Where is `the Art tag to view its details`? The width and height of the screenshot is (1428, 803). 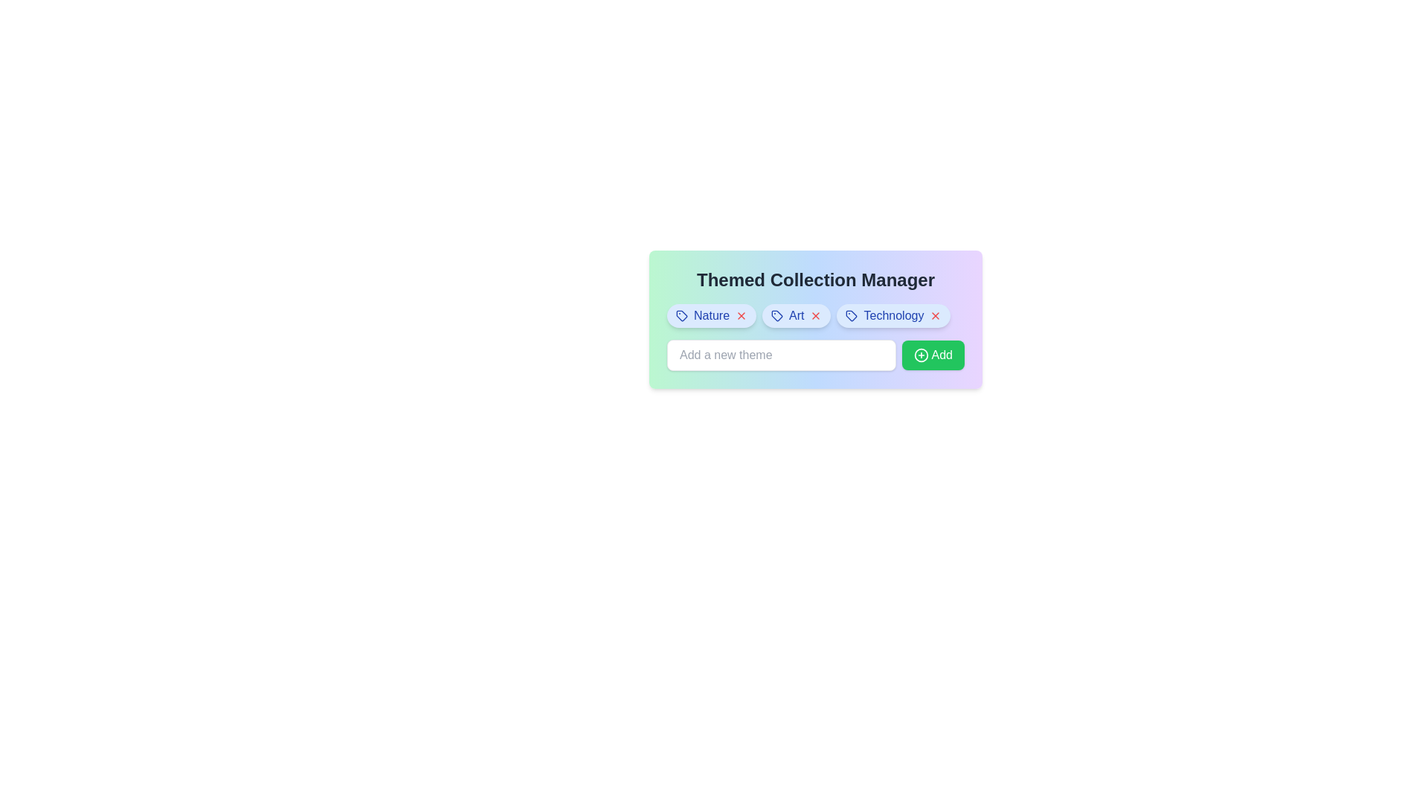
the Art tag to view its details is located at coordinates (795, 315).